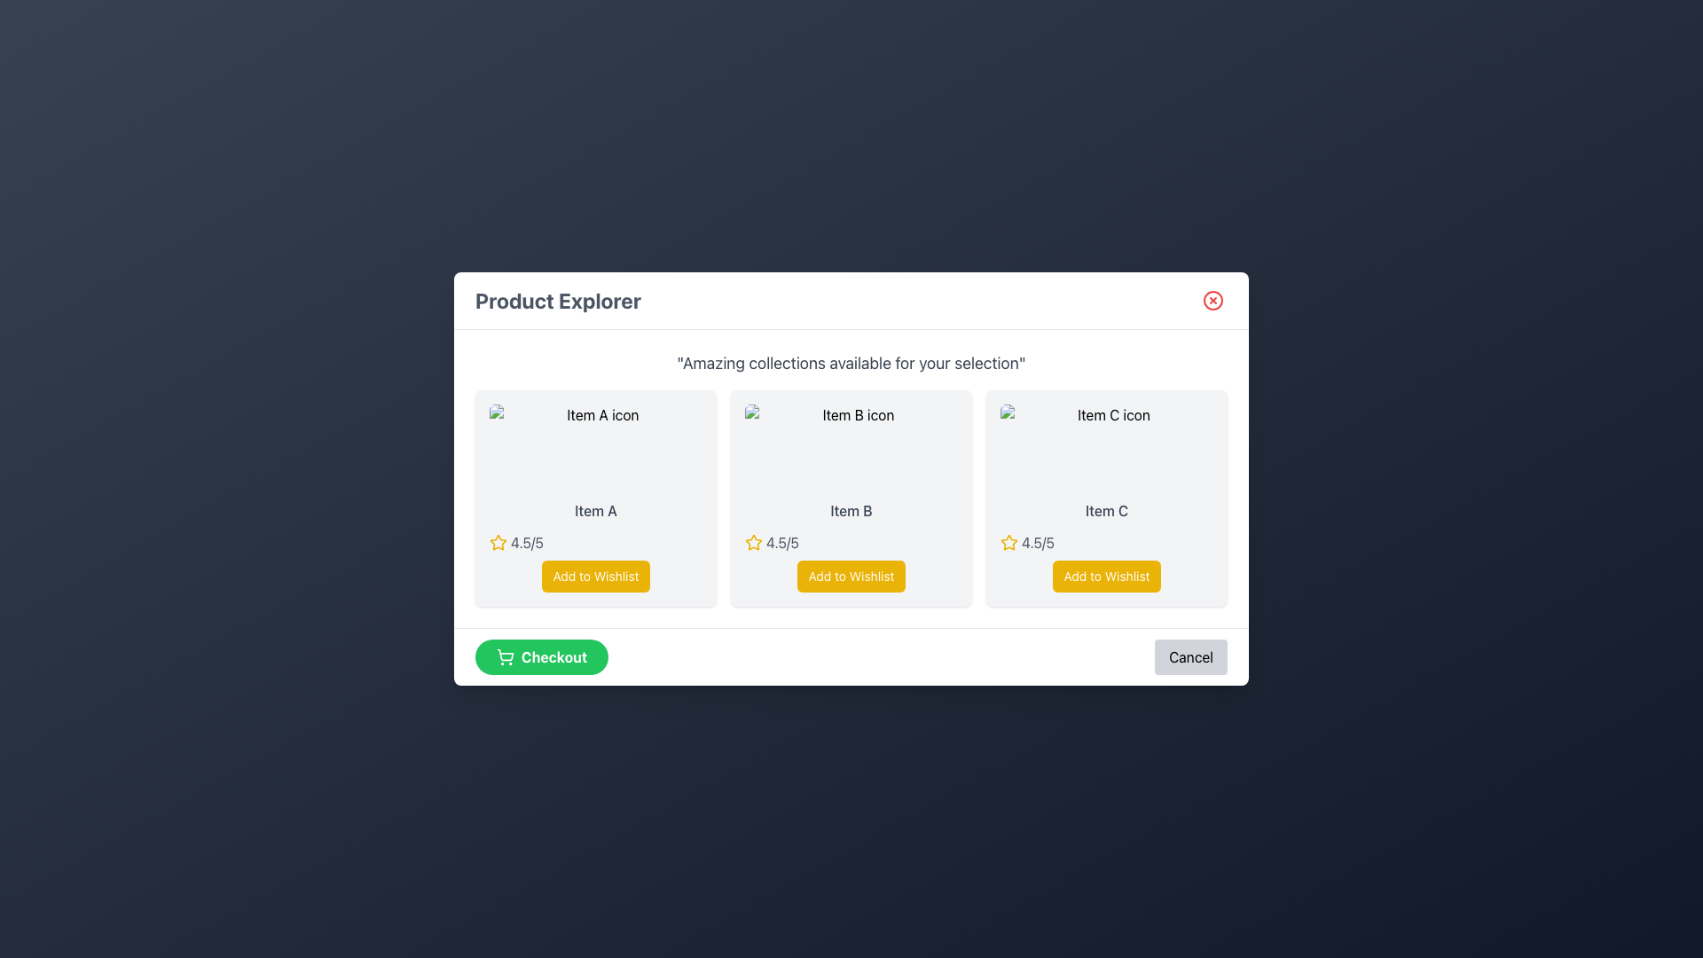 This screenshot has width=1703, height=958. Describe the element at coordinates (540, 656) in the screenshot. I see `the green 'Checkout' button with rounded edges, featuring a white shopping cart icon and bold white text, to proceed with the checkout process` at that location.